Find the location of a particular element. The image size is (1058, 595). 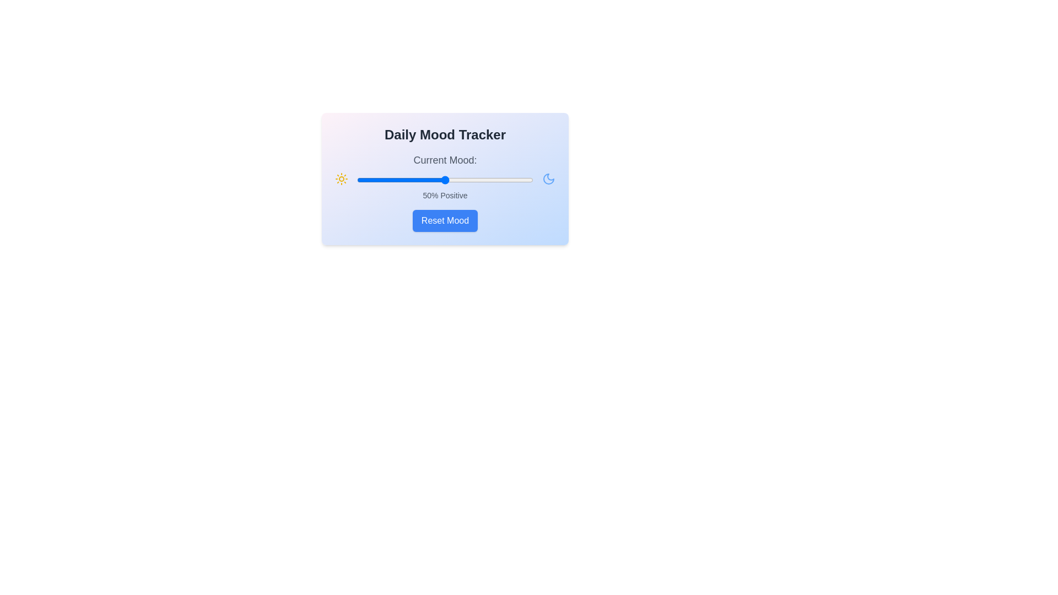

the slider handle of the 'Current Mood: 50% Positive' element is located at coordinates (445, 176).